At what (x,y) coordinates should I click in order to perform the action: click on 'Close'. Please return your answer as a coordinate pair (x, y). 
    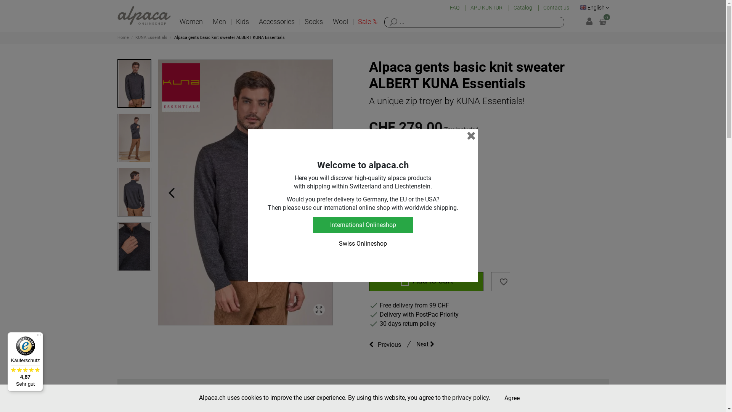
    Looking at the image, I should click on (471, 135).